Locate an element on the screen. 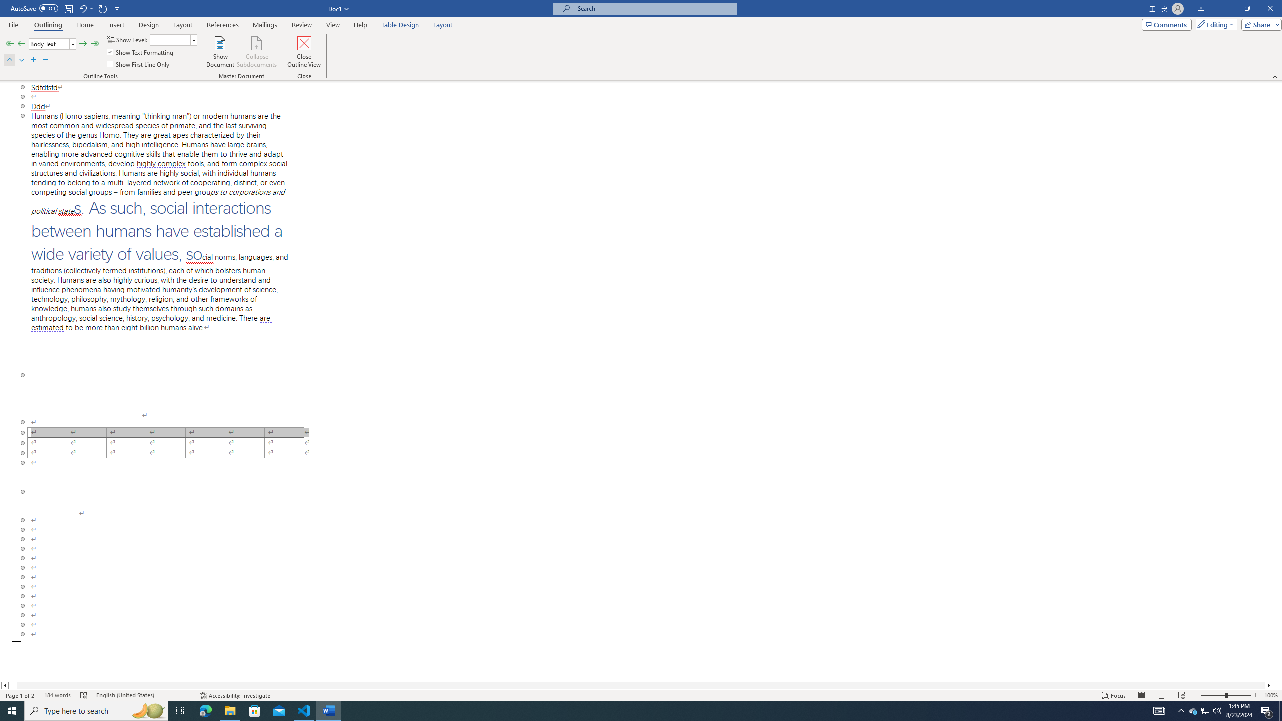 The width and height of the screenshot is (1282, 721). 'Column left' is located at coordinates (4, 685).